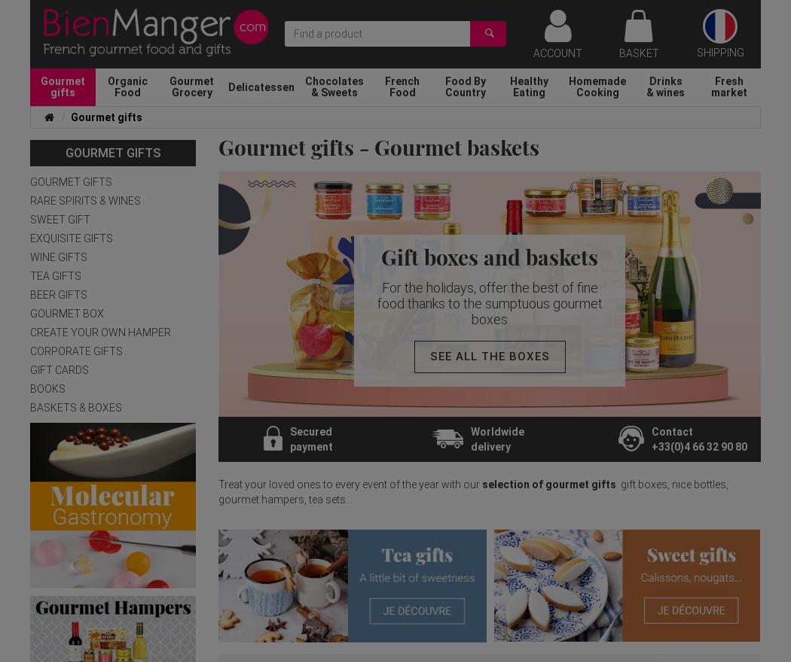 The width and height of the screenshot is (791, 662). Describe the element at coordinates (380, 256) in the screenshot. I see `'Gift boxes and baskets'` at that location.